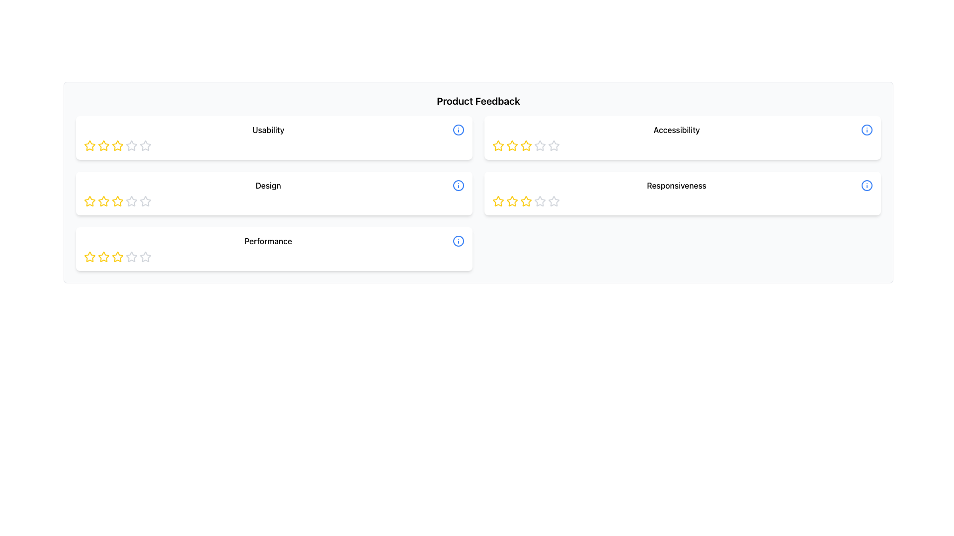  Describe the element at coordinates (274, 256) in the screenshot. I see `the yellow star in the Interactive rating stars component located within the 'Performance' section` at that location.